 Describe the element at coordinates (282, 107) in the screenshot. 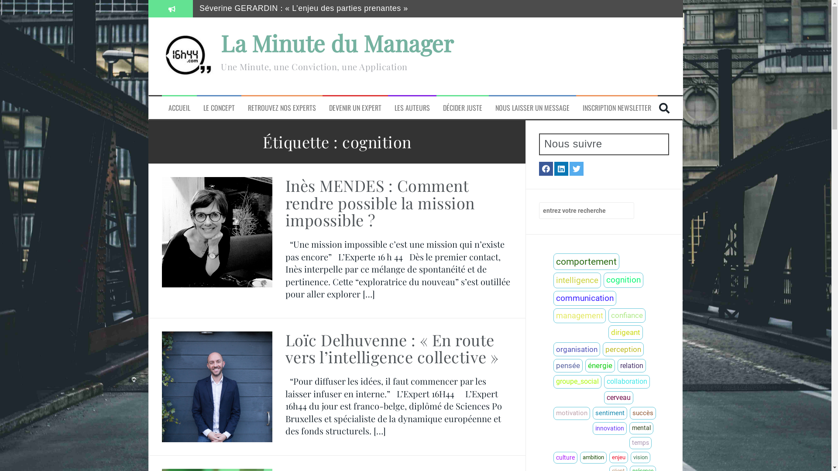

I see `'RETROUVEZ NOS EXPERTS'` at that location.